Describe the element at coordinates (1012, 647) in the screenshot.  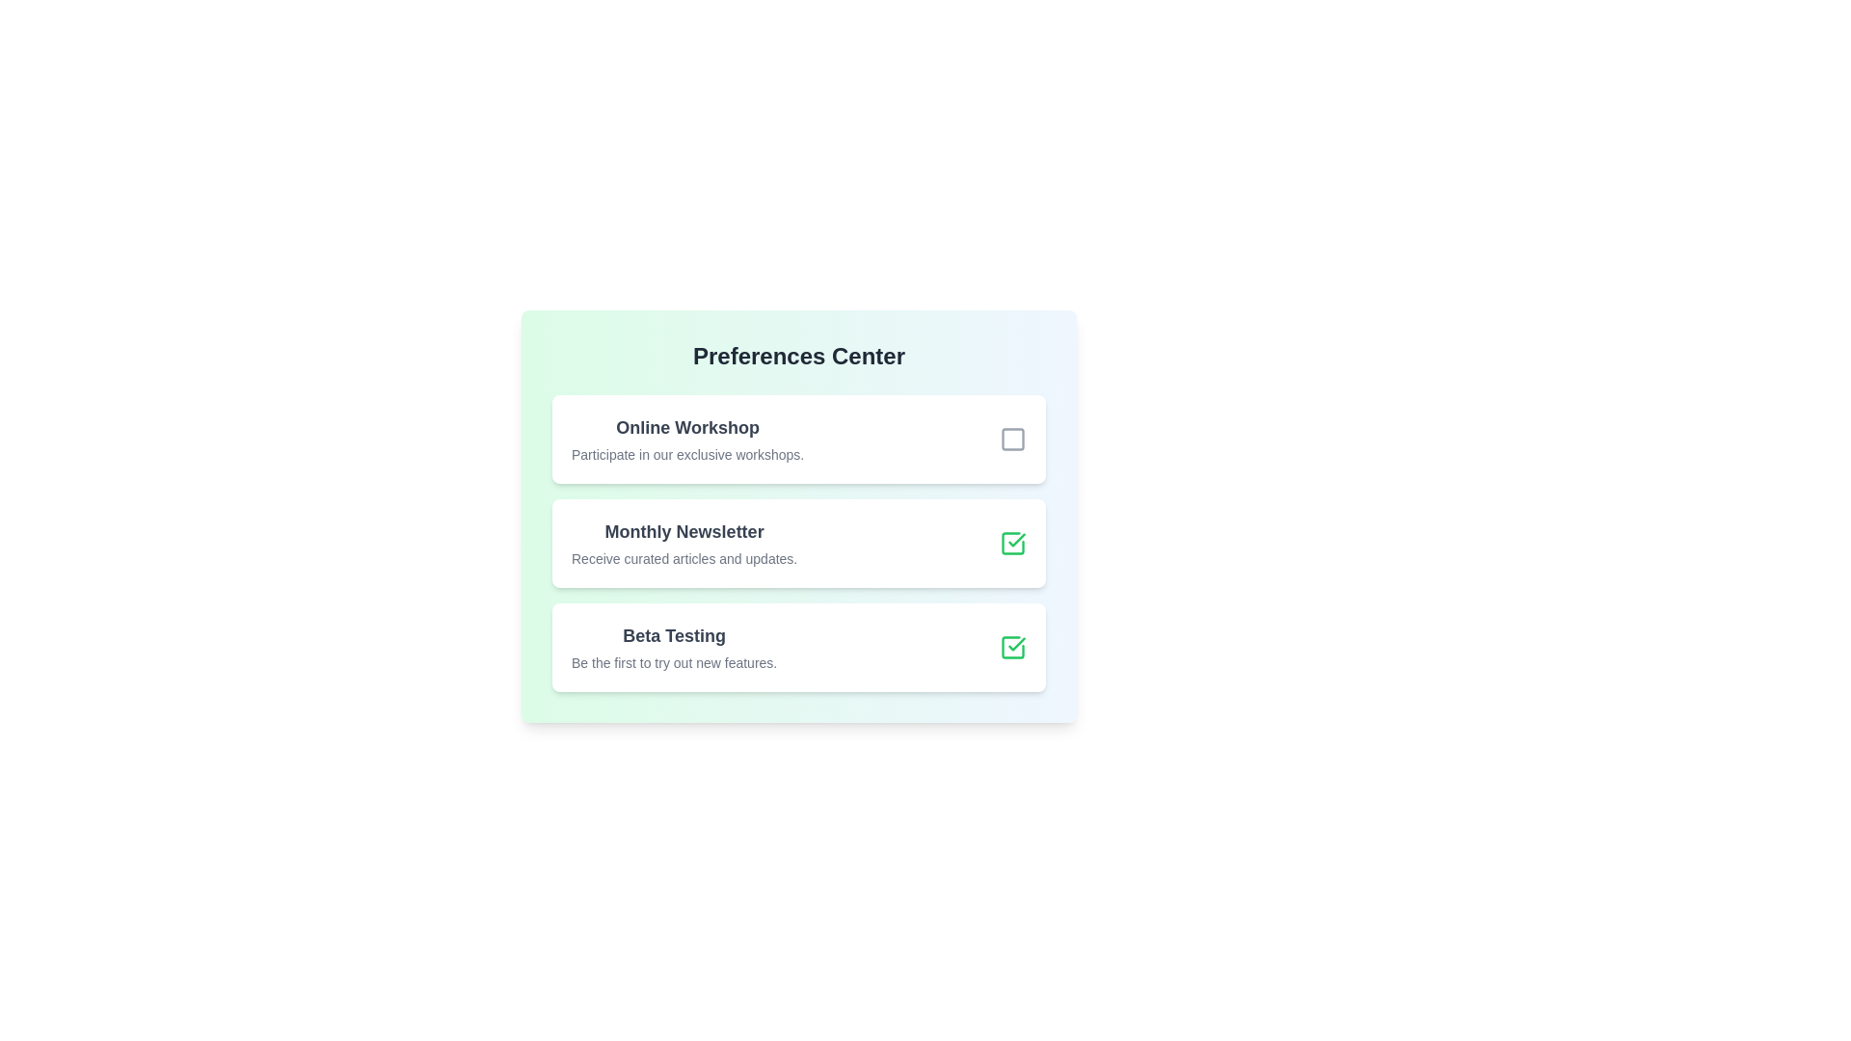
I see `the rectangular outline shape of the checkbox for the 'Monthly Newsletter' option in the 'Preferences Center' section` at that location.